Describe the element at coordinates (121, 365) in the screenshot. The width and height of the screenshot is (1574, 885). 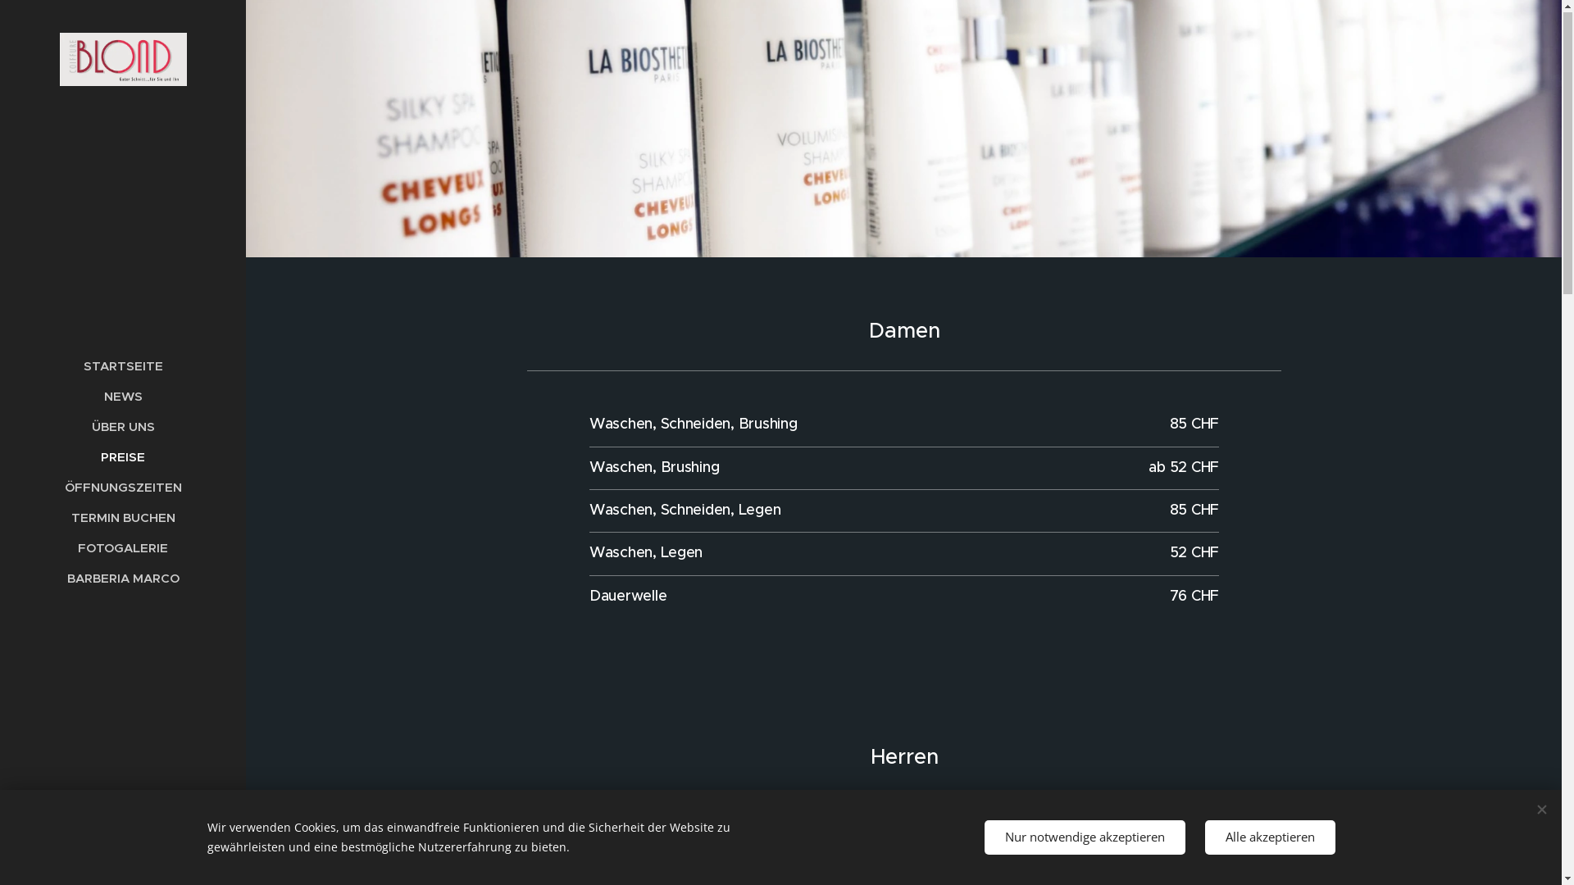
I see `'STARTSEITE'` at that location.